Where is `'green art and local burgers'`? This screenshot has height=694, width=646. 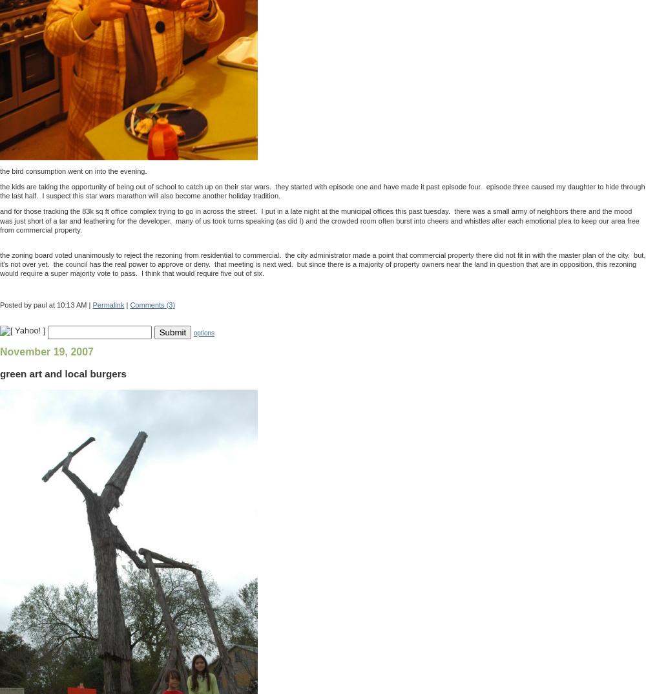
'green art and local burgers' is located at coordinates (0, 373).